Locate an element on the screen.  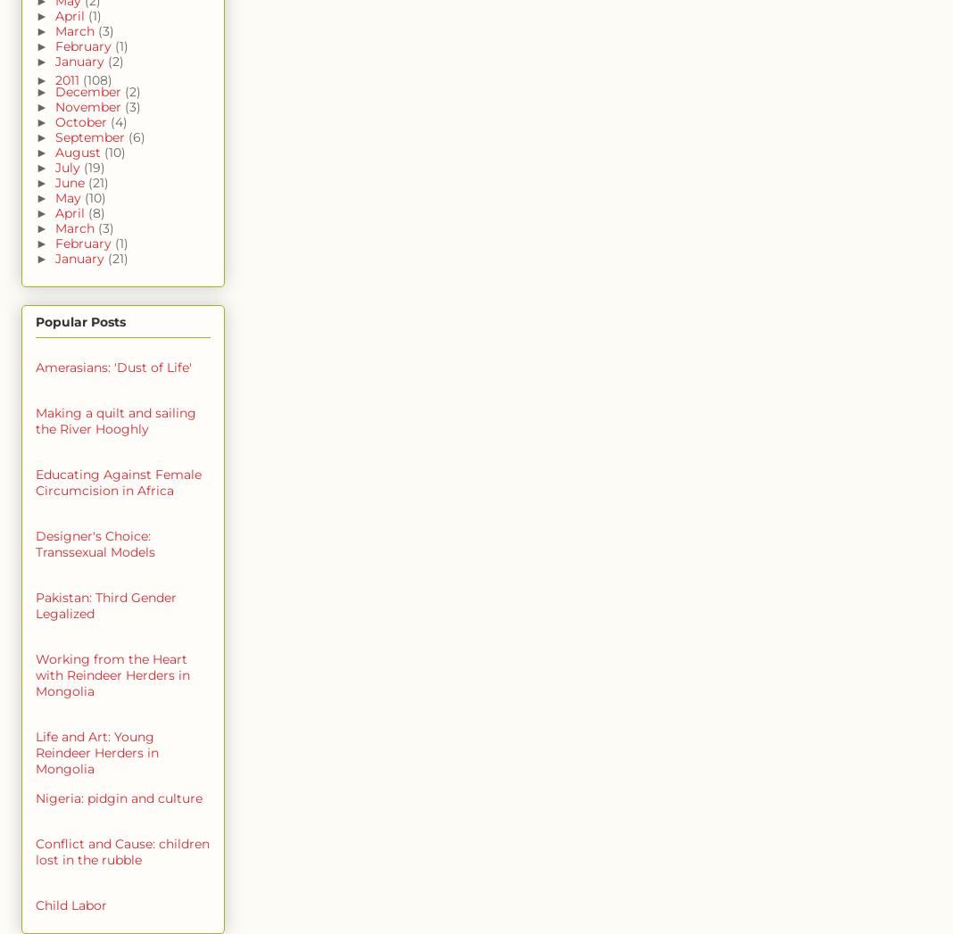
'Conflict and Cause: children lost in the rubble' is located at coordinates (122, 850).